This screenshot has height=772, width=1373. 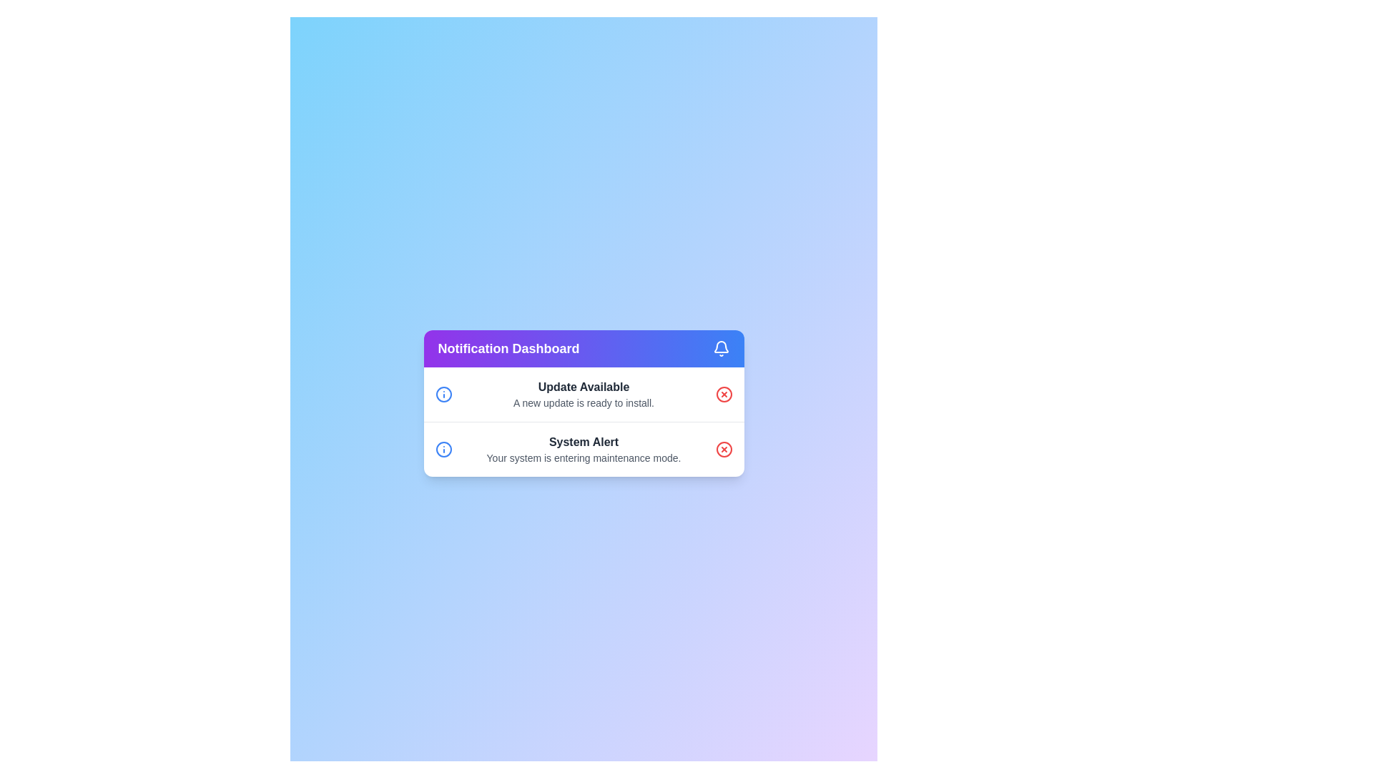 What do you see at coordinates (443, 448) in the screenshot?
I see `the icon indicating information or importance in the notification context, positioned to the left of the 'Update Available' text label` at bounding box center [443, 448].